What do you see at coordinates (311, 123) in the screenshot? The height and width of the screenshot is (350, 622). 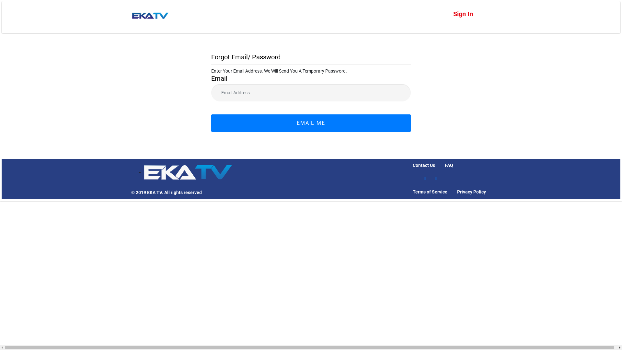 I see `'EMAIL ME'` at bounding box center [311, 123].